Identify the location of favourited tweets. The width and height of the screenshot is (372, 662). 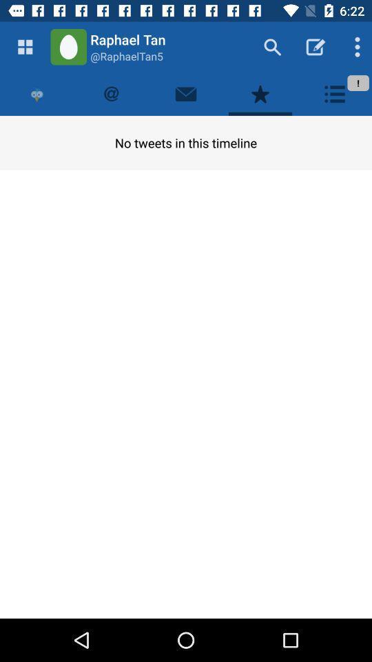
(260, 93).